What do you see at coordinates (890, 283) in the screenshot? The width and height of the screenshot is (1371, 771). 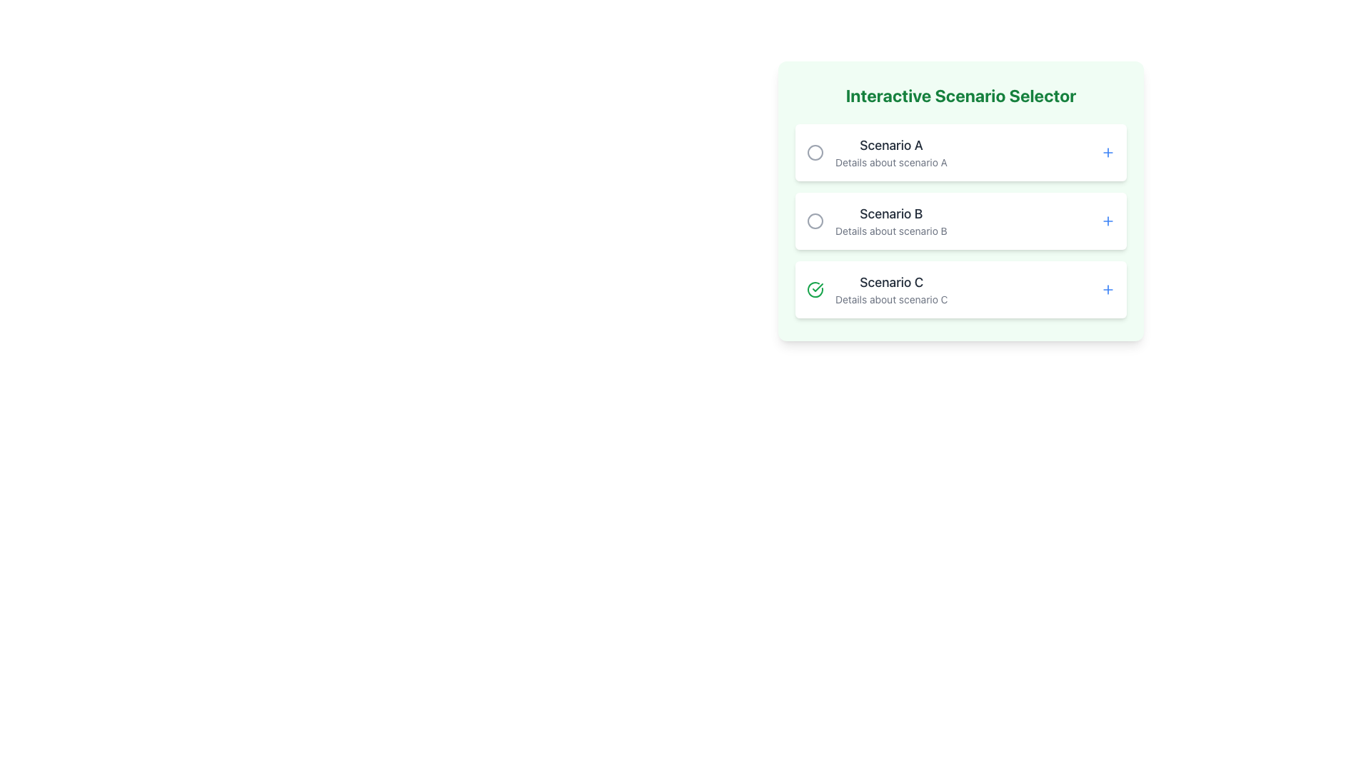 I see `the title text of the third item in the 'Interactive Scenario Selector' section, which appears directly above the description text 'Details about scenario C.'` at bounding box center [890, 283].